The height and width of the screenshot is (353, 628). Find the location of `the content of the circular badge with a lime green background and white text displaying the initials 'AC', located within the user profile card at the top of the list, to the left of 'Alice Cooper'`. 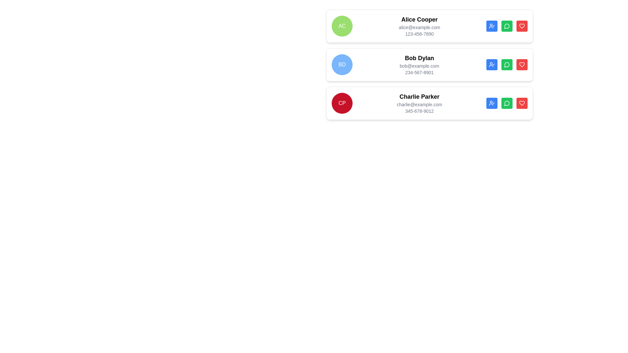

the content of the circular badge with a lime green background and white text displaying the initials 'AC', located within the user profile card at the top of the list, to the left of 'Alice Cooper' is located at coordinates (342, 26).